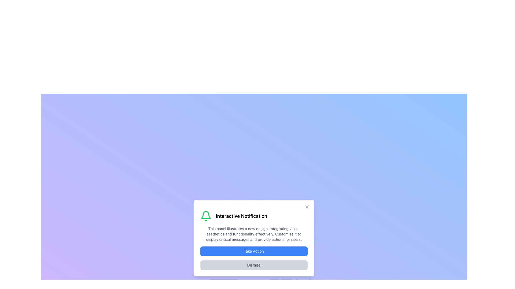 Image resolution: width=515 pixels, height=289 pixels. I want to click on the text label displaying 'Interactive Notification' which is styled in bold and large font, located next to a green notification icon in the upper section of the modal dialog, so click(241, 216).